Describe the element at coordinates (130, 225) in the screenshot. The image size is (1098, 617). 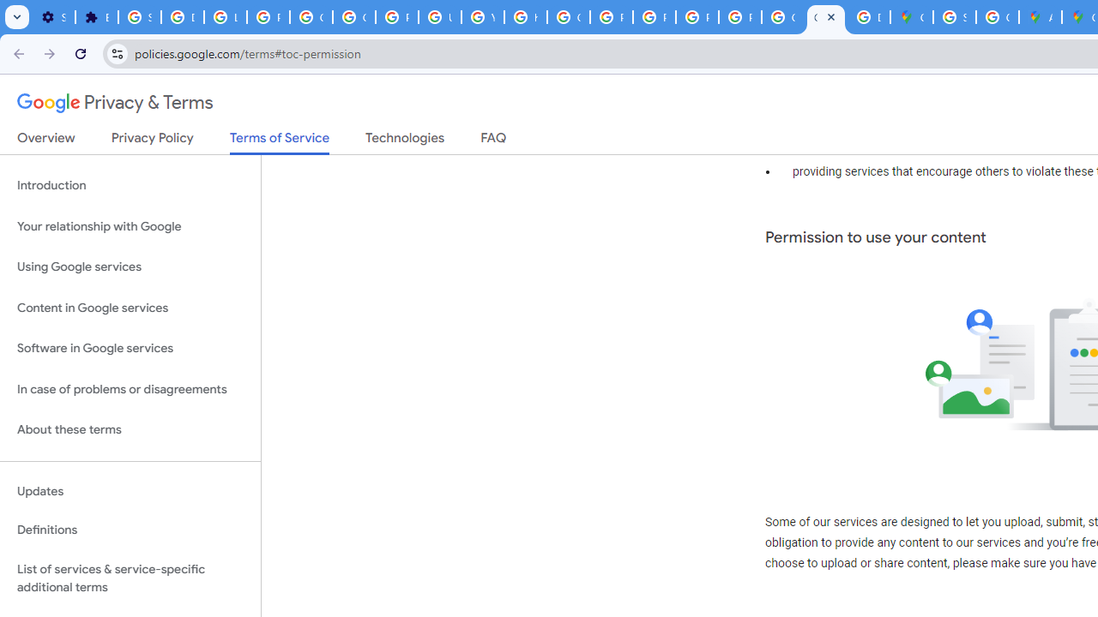
I see `'Your relationship with Google'` at that location.